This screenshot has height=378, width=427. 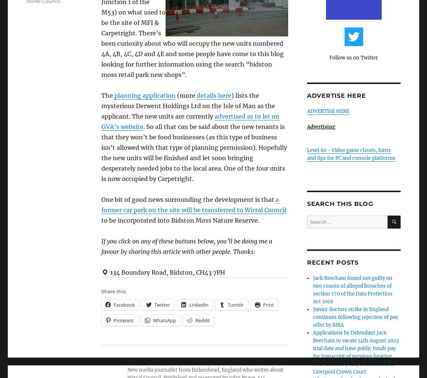 What do you see at coordinates (127, 361) in the screenshot?
I see `'Author:'` at bounding box center [127, 361].